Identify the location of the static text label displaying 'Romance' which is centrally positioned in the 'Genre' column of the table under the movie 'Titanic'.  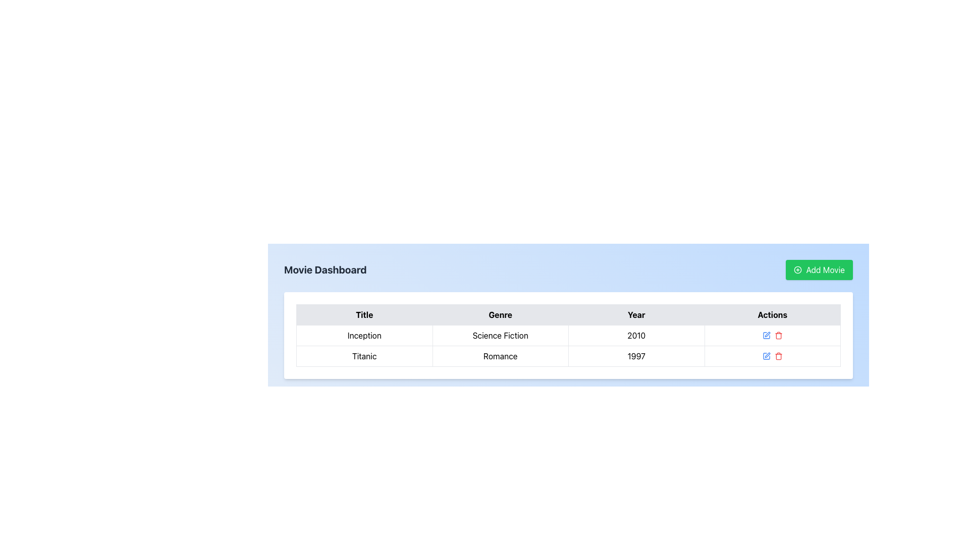
(500, 355).